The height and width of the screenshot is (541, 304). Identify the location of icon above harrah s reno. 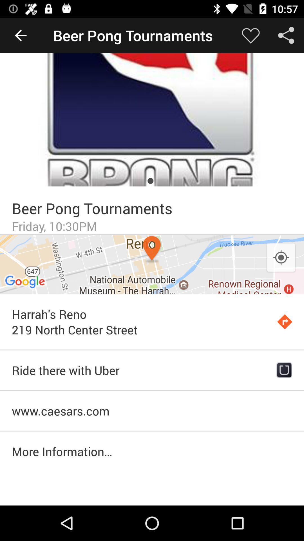
(152, 264).